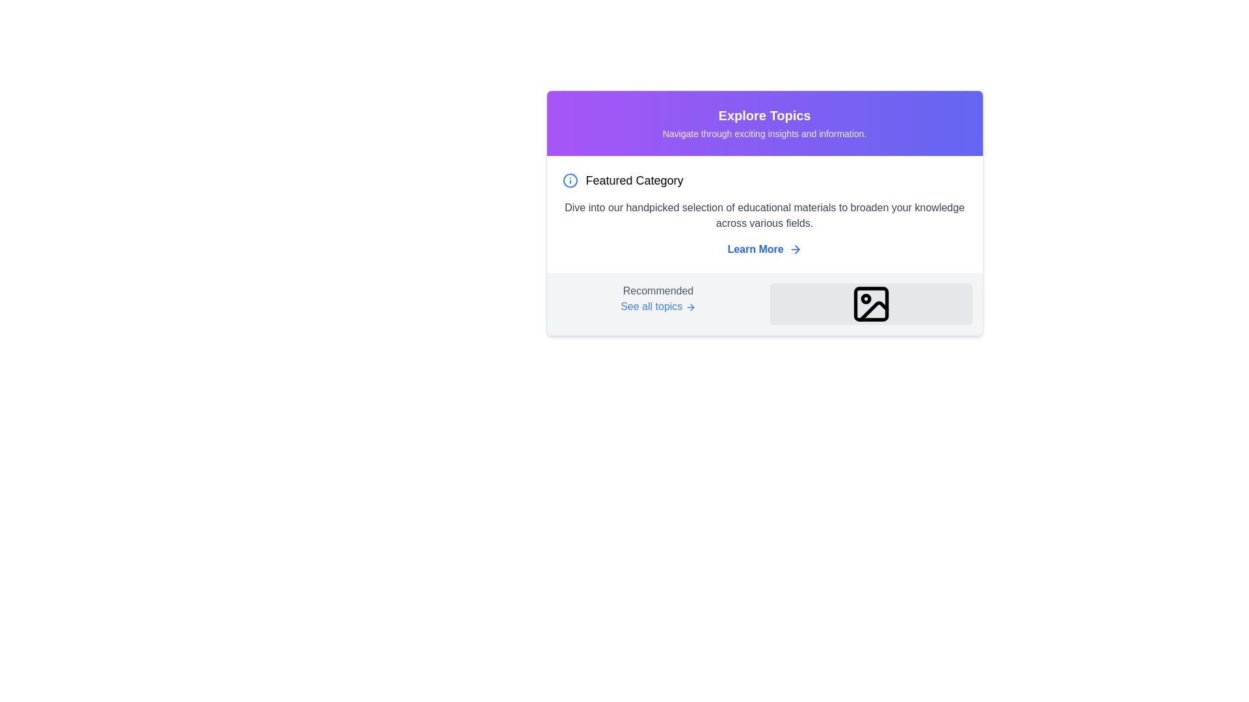  Describe the element at coordinates (764, 250) in the screenshot. I see `the interactive hyperlink located at the lower-right side of the 'Featured Category' section, beneath the descriptive paragraph, which encourages further exploration by the user` at that location.